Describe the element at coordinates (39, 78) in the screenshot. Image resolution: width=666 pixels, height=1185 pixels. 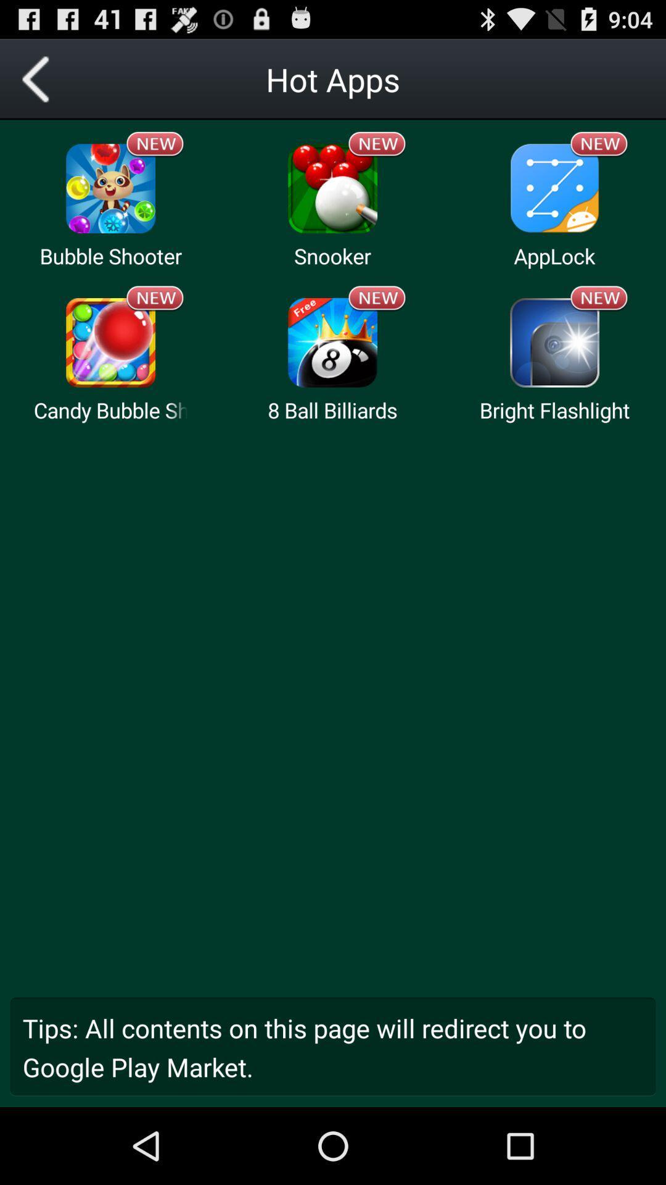
I see `exit out` at that location.